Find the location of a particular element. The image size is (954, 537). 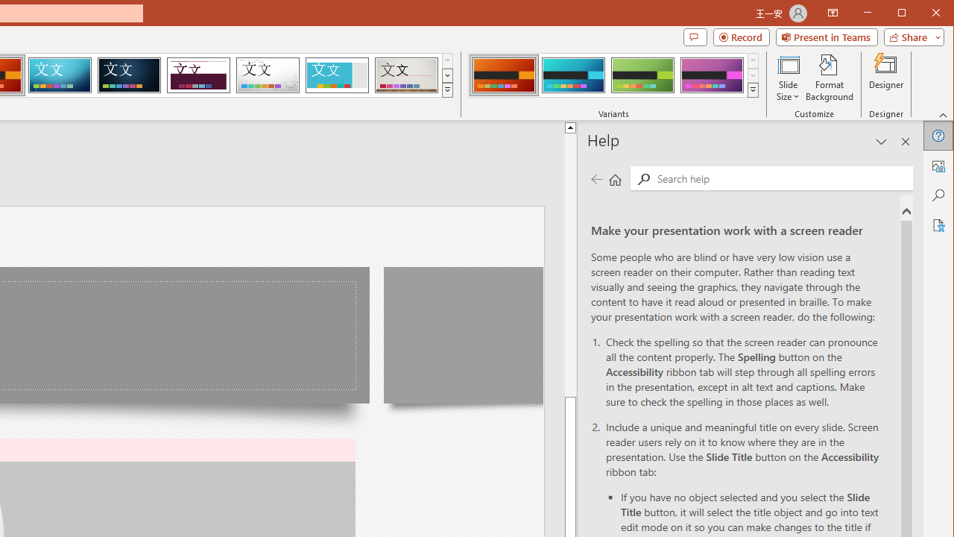

'Berlin Variant 3' is located at coordinates (642, 75).